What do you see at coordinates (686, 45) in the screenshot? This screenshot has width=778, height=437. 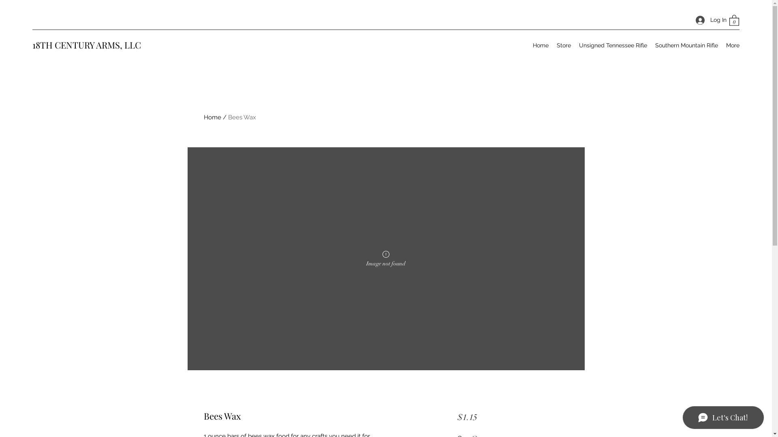 I see `'Southern Mountain Rifle'` at bounding box center [686, 45].